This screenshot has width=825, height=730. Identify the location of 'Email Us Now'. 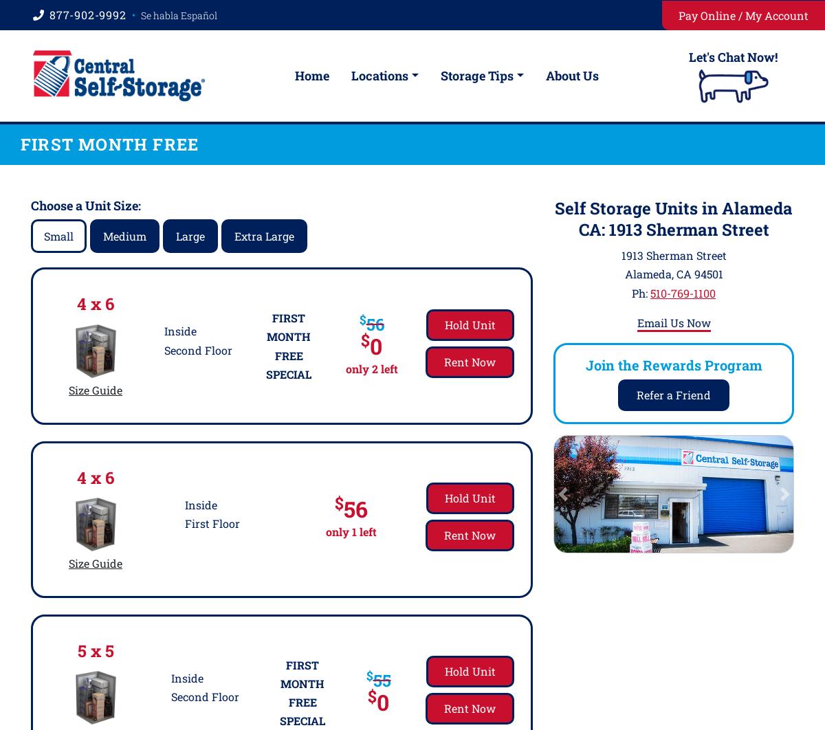
(637, 321).